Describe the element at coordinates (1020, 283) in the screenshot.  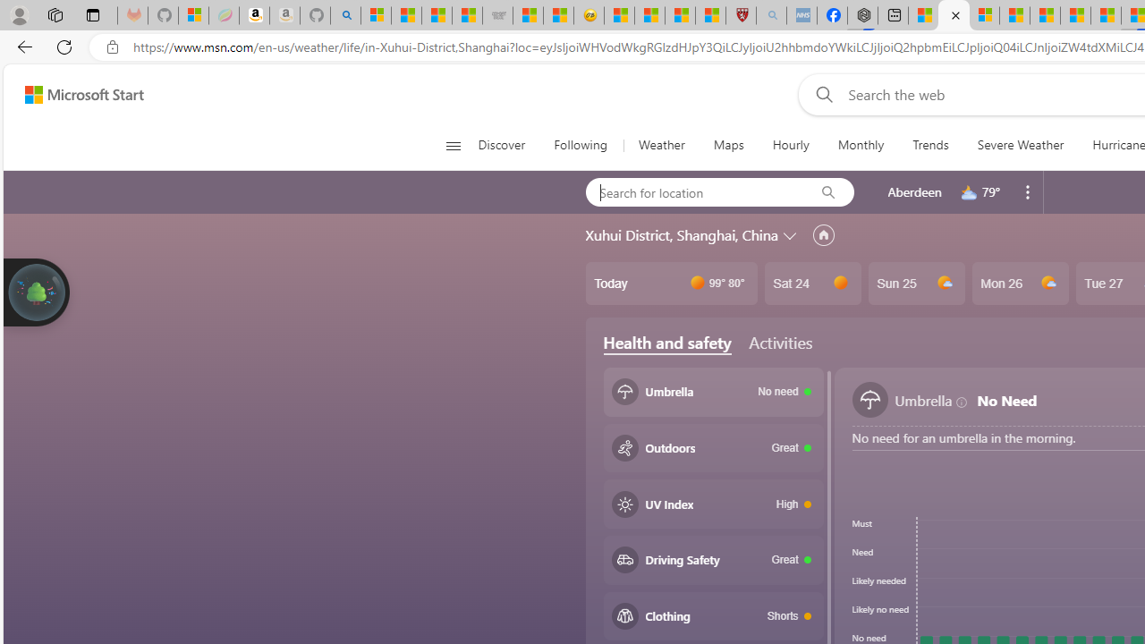
I see `'Mon 26'` at that location.